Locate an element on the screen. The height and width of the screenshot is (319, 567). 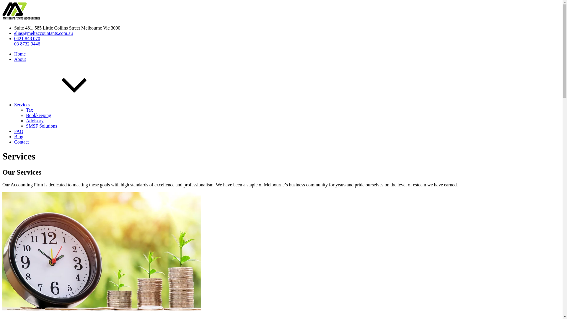
'Services' is located at coordinates (14, 104).